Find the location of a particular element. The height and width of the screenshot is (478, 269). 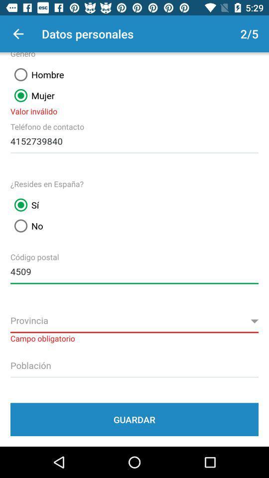

guardar is located at coordinates (134, 419).